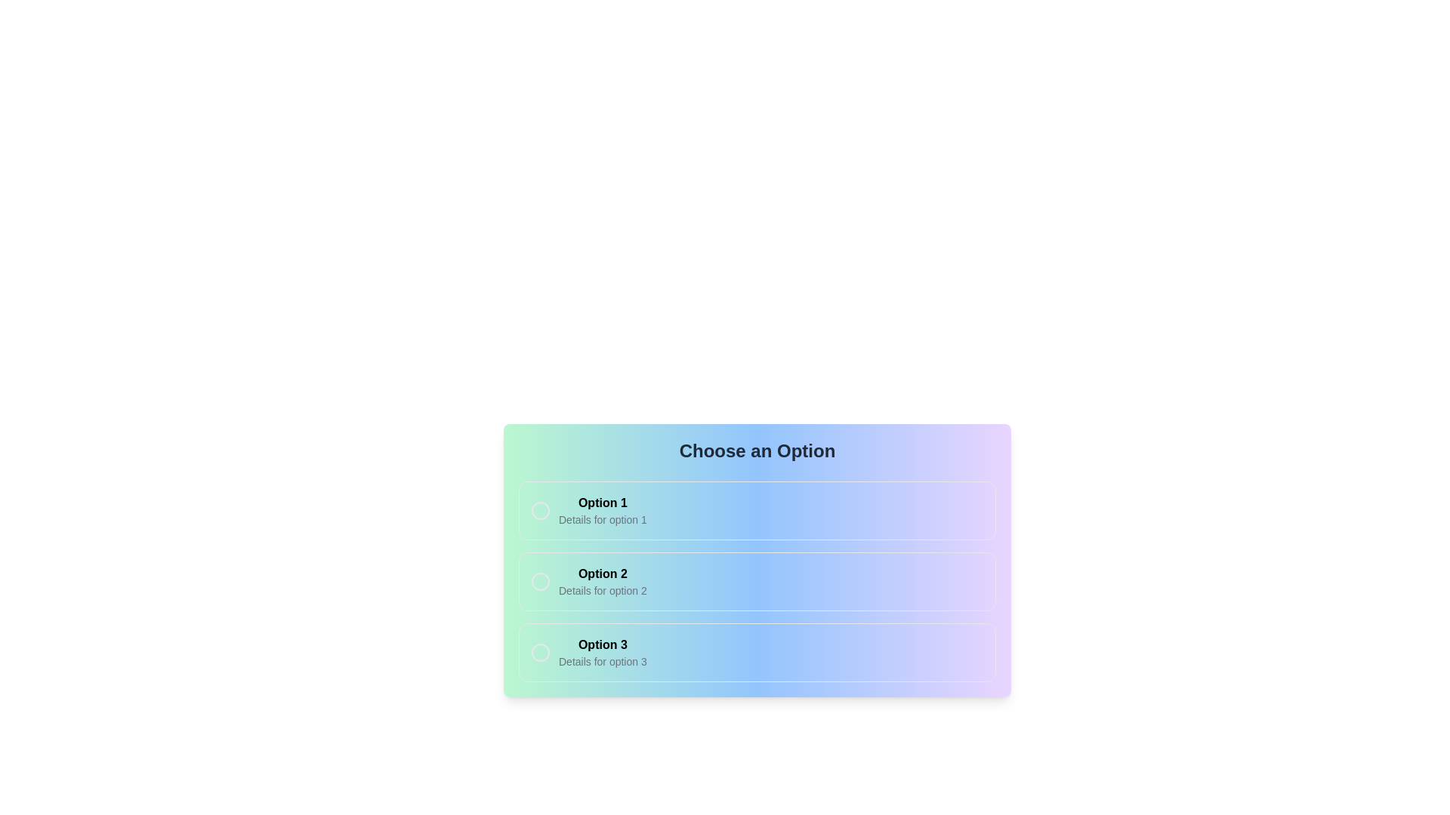 Image resolution: width=1450 pixels, height=815 pixels. What do you see at coordinates (602, 645) in the screenshot?
I see `the text label that identifies the third selectable option in the vertical list of options` at bounding box center [602, 645].